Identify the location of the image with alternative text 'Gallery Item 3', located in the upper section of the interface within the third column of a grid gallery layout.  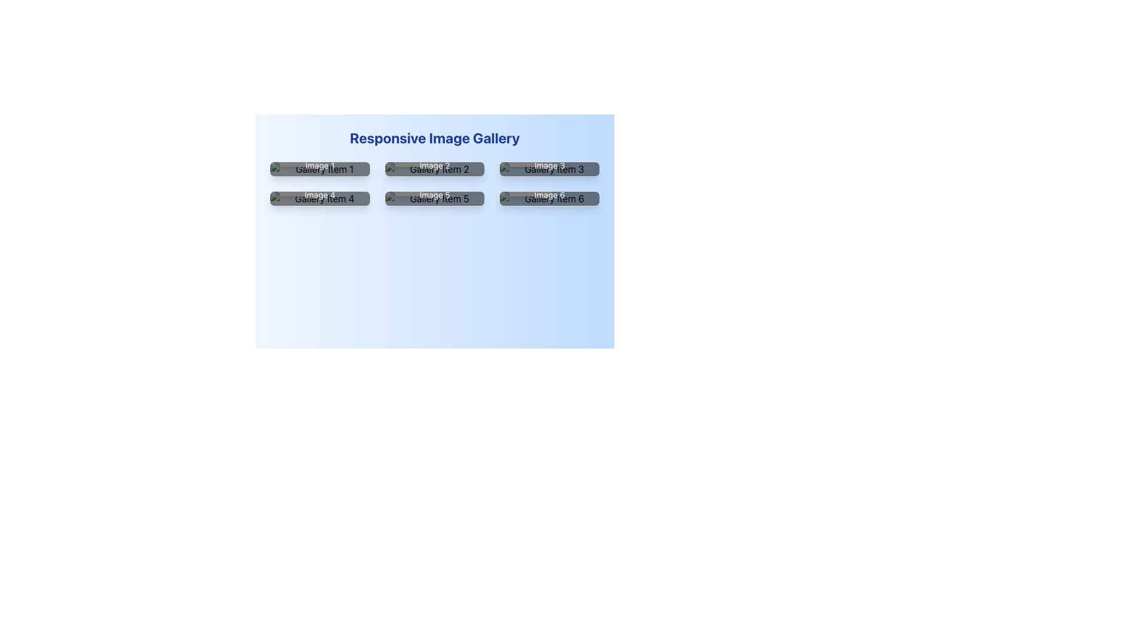
(549, 169).